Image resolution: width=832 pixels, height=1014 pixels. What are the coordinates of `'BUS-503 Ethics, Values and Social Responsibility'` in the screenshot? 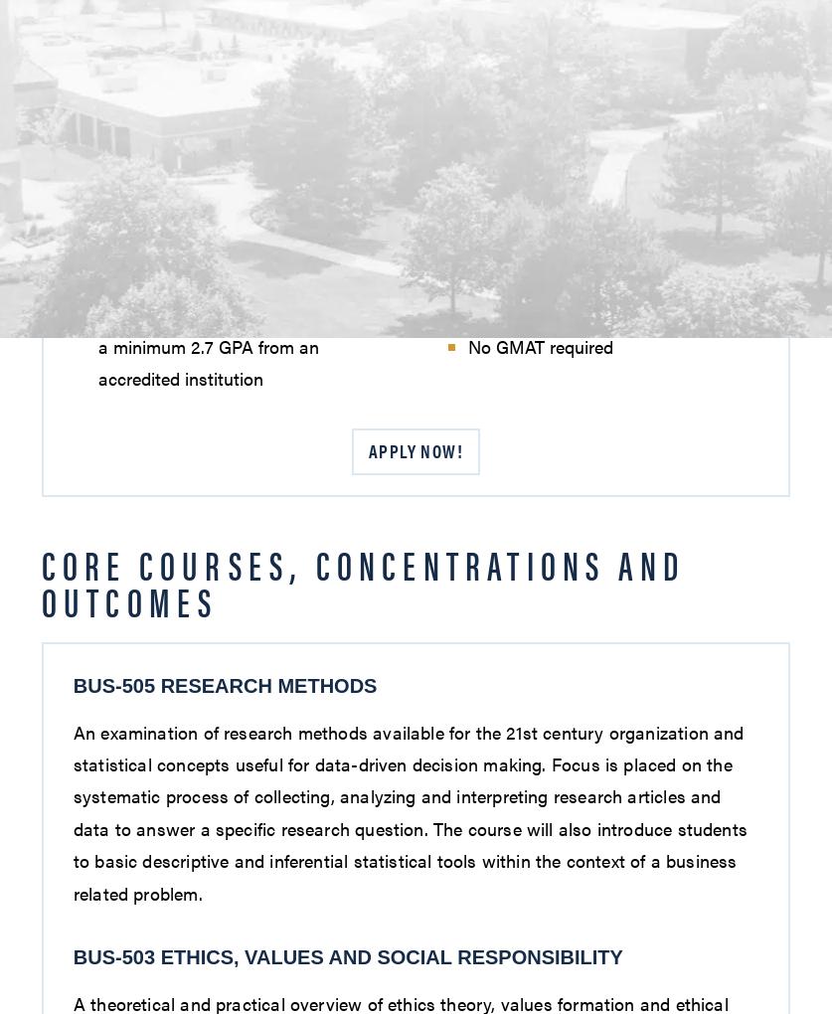 It's located at (347, 954).